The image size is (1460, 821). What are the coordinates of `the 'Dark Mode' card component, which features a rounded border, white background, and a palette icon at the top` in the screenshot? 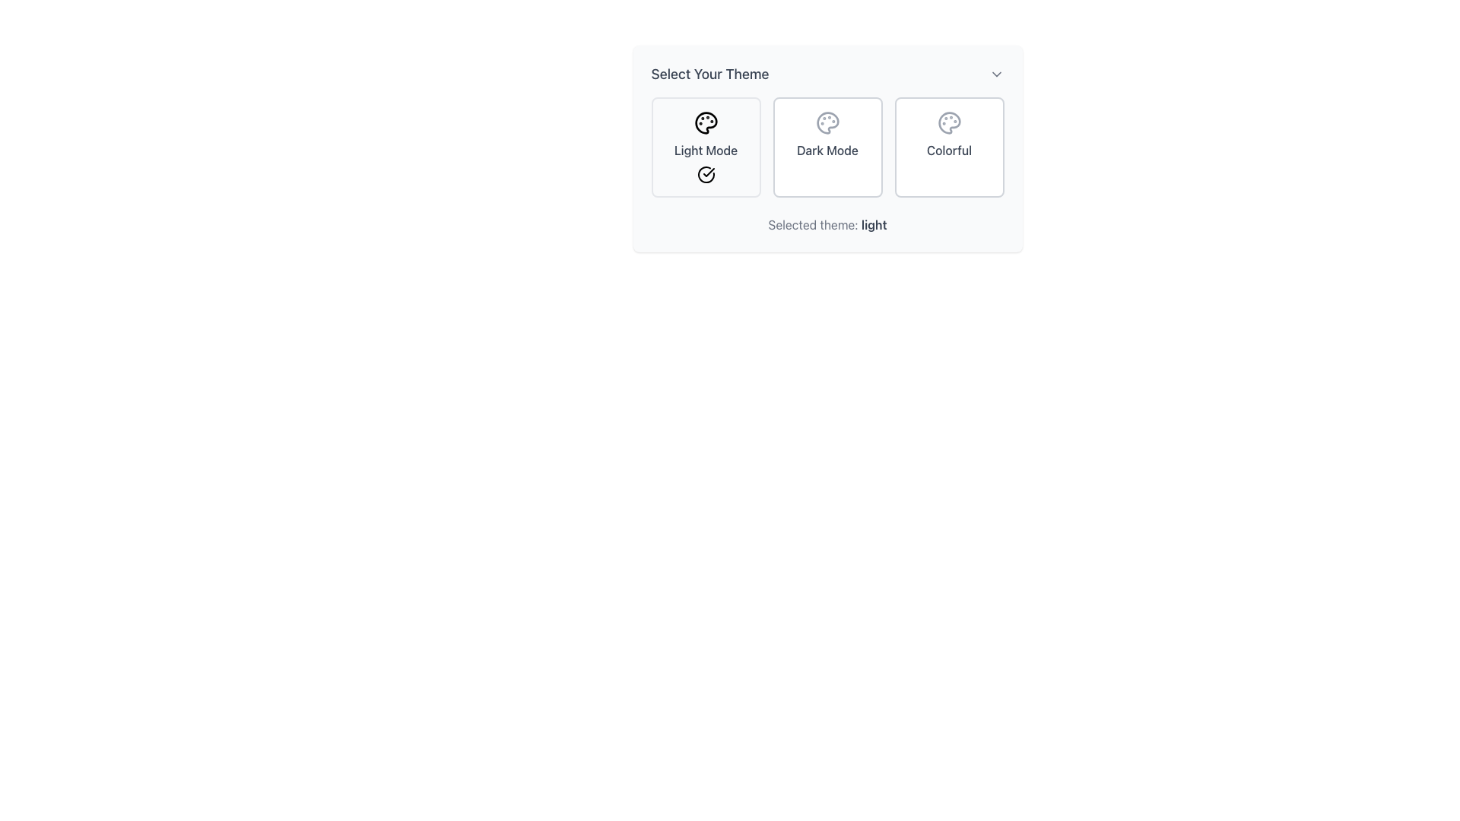 It's located at (827, 147).